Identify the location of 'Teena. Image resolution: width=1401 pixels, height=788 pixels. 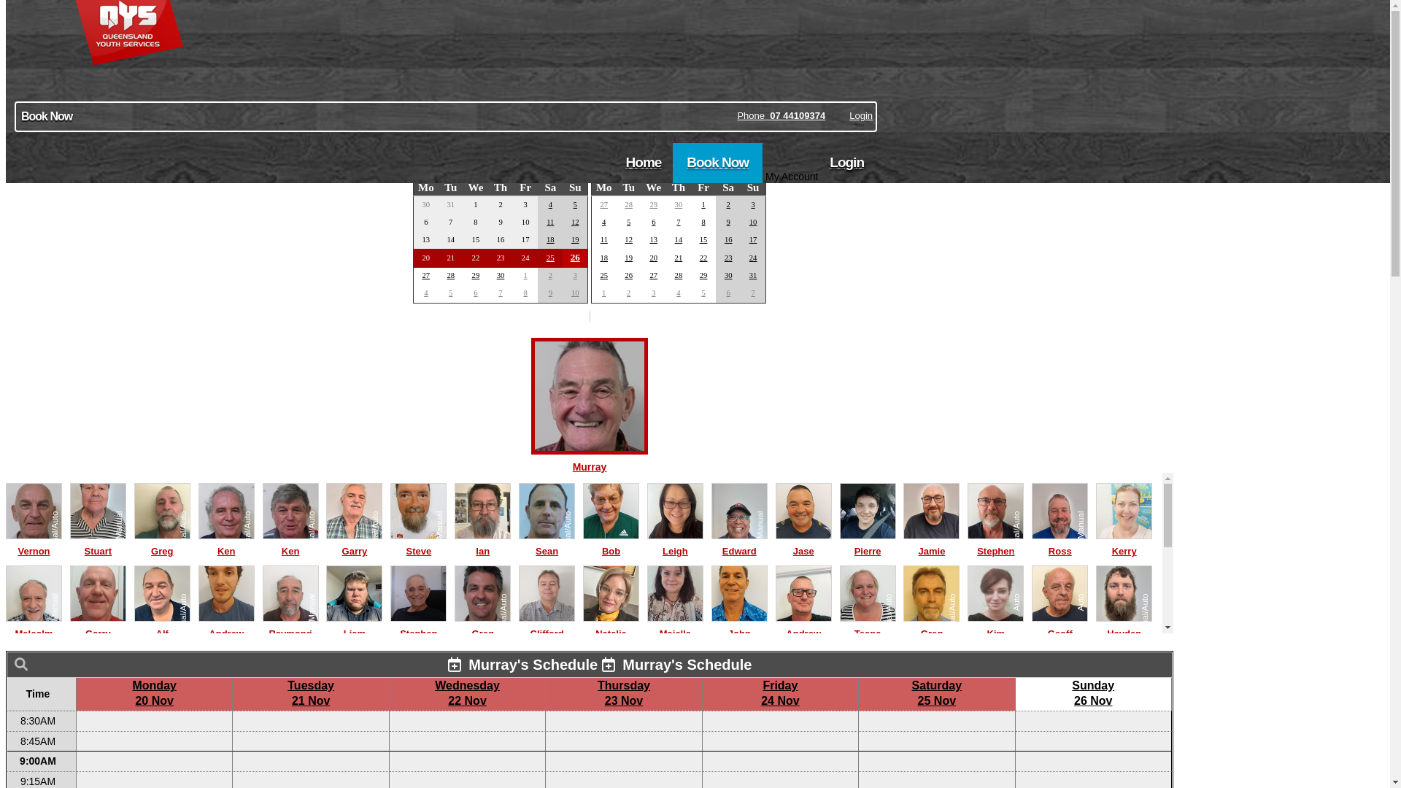
(868, 625).